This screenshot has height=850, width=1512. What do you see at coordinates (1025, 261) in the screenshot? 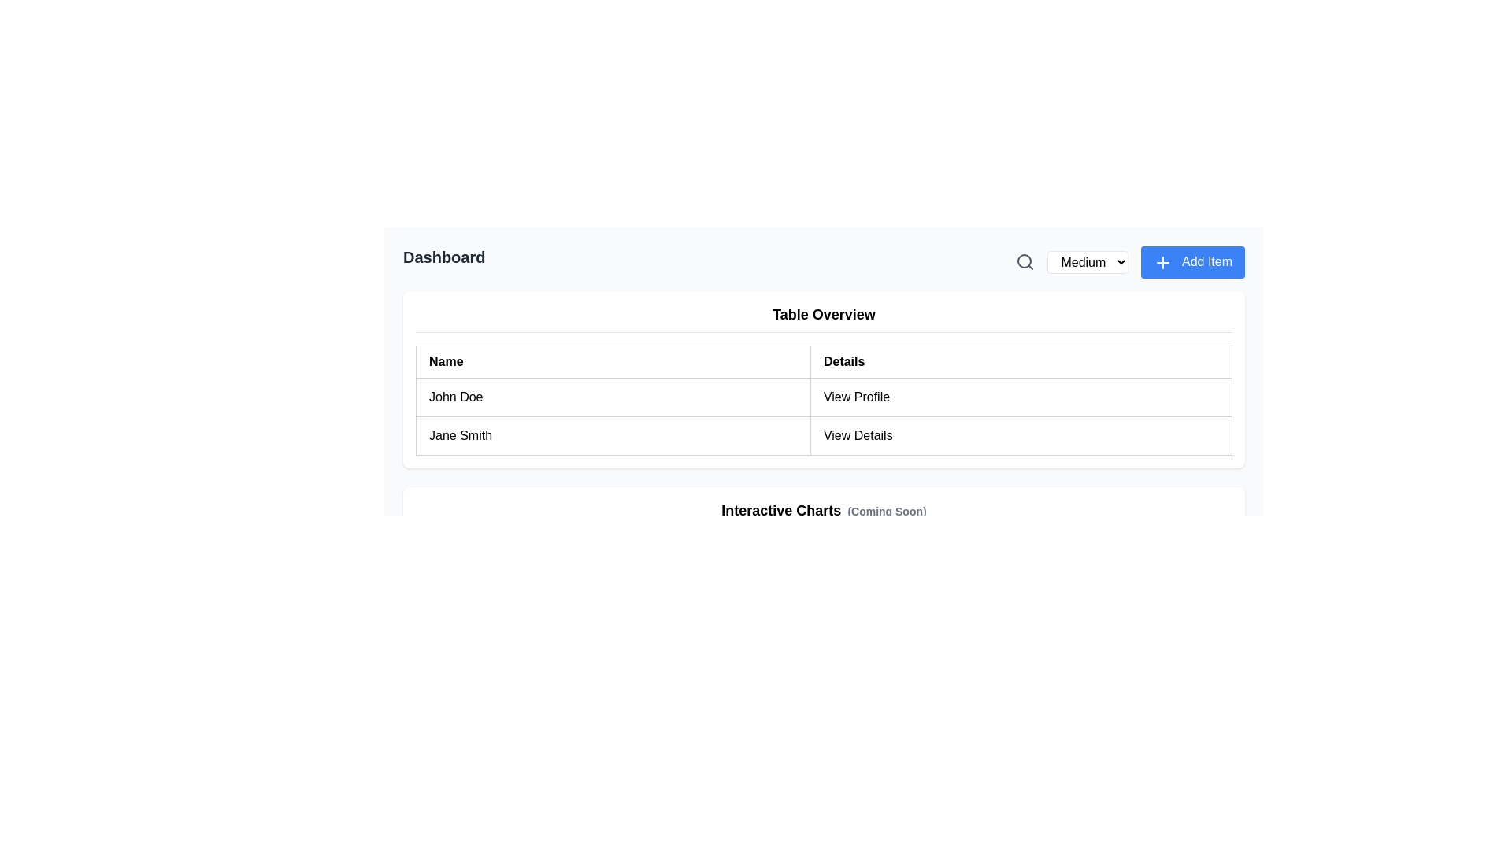
I see `the magnifying glass icon outlined in black, representing search functionality, located to the left of the 'Medium' dropdown and the 'Add Item' button, to initiate a search action` at bounding box center [1025, 261].